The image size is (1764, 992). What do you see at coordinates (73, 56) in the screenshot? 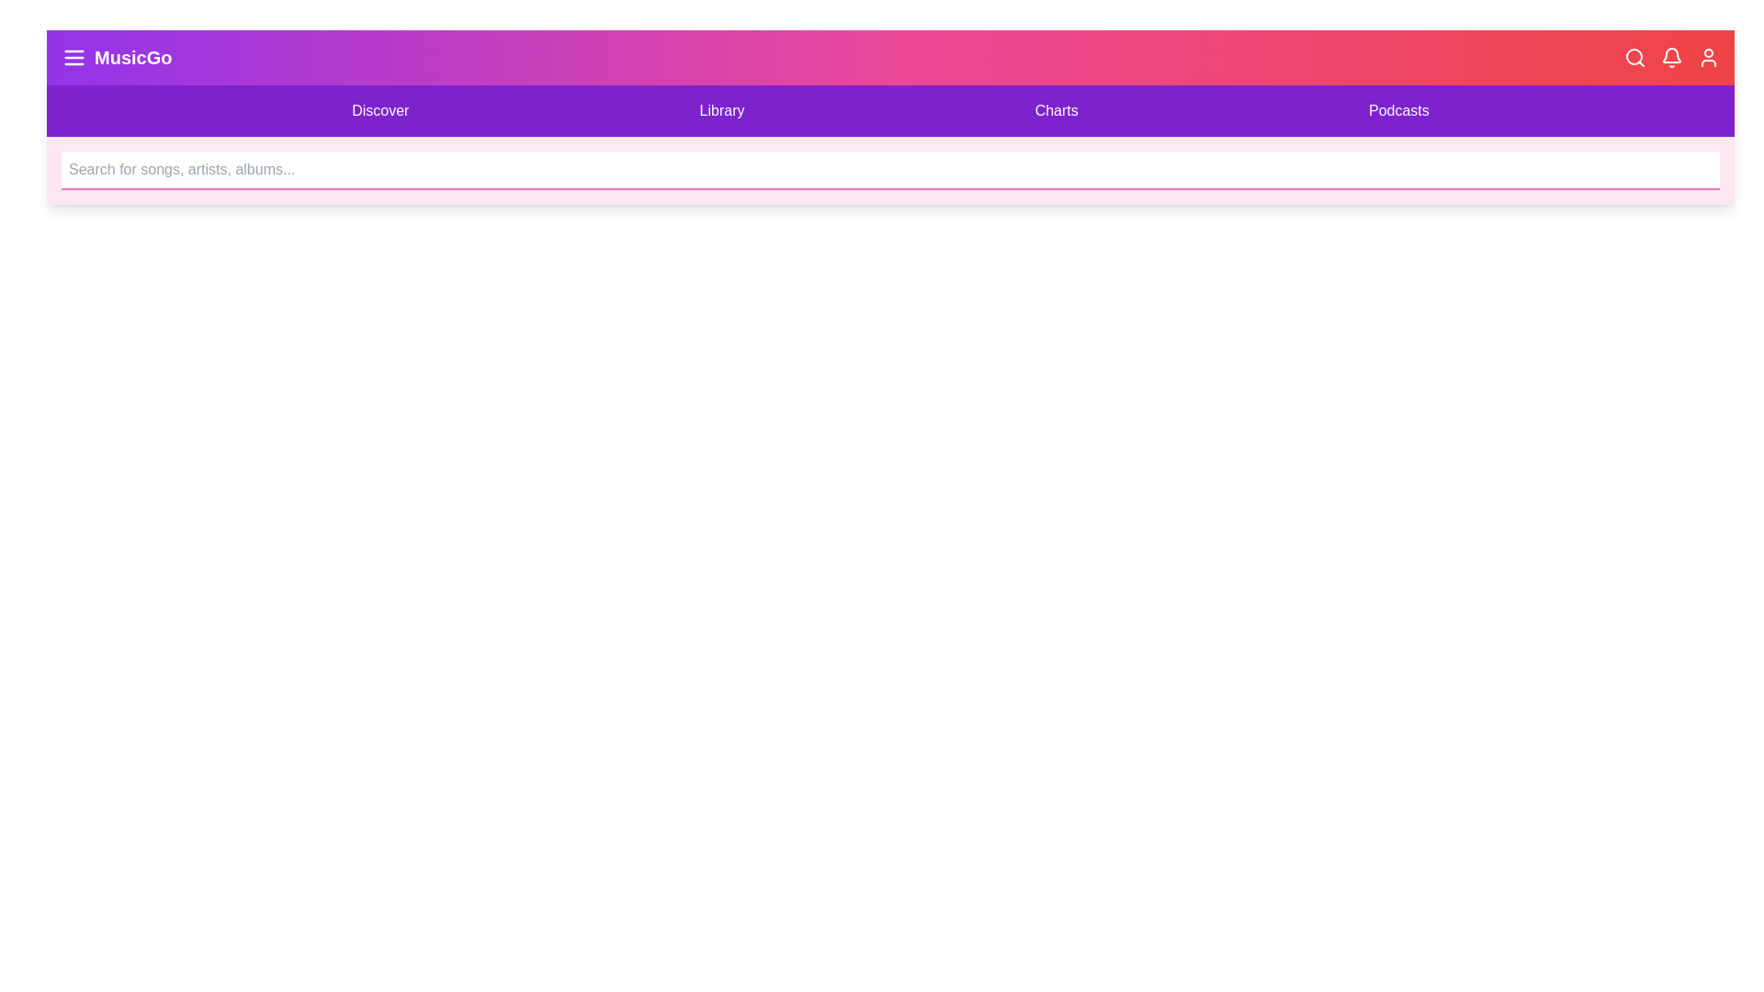
I see `the 'Menu' button to toggle the visibility of the menu` at bounding box center [73, 56].